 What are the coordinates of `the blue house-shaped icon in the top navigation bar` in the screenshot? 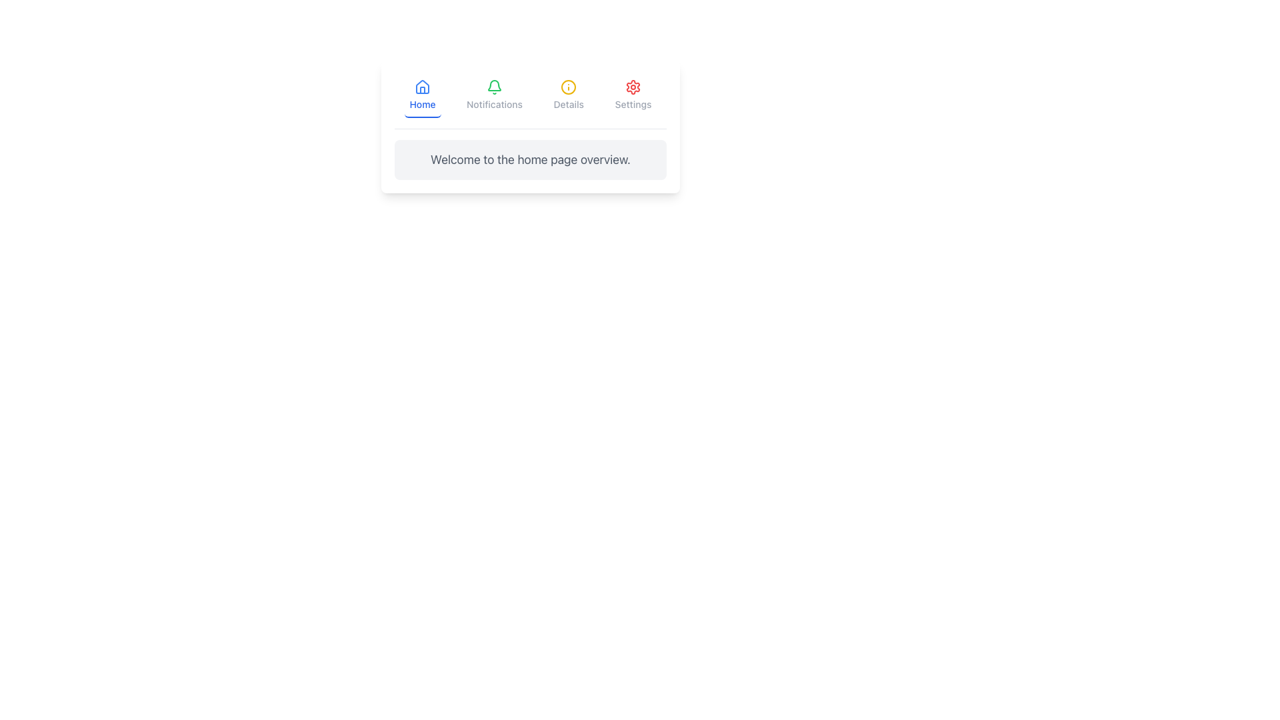 It's located at (421, 87).